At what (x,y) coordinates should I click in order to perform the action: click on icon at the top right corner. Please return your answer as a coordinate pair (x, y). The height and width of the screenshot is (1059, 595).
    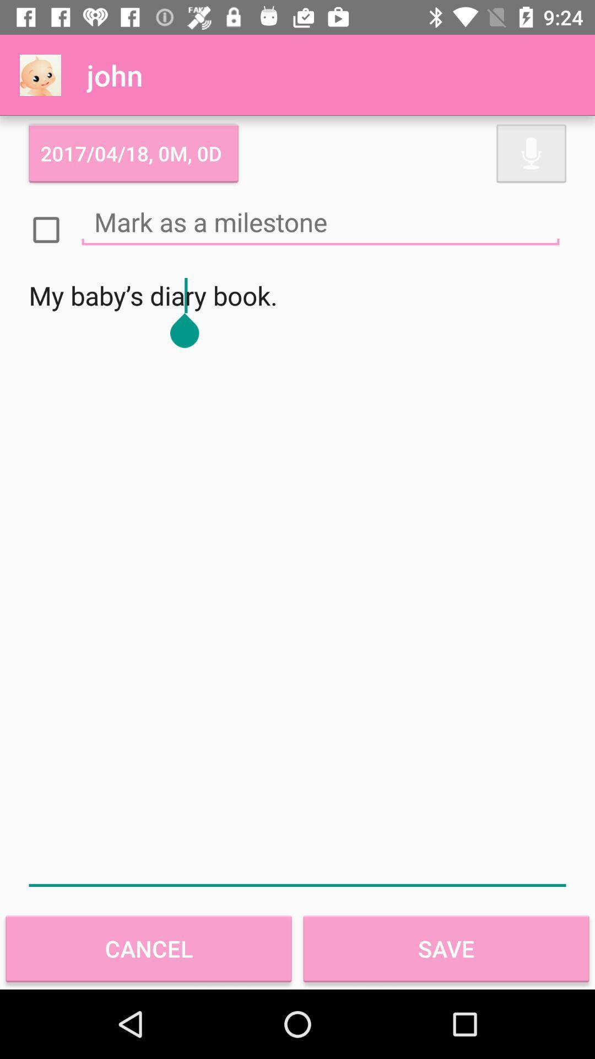
    Looking at the image, I should click on (531, 153).